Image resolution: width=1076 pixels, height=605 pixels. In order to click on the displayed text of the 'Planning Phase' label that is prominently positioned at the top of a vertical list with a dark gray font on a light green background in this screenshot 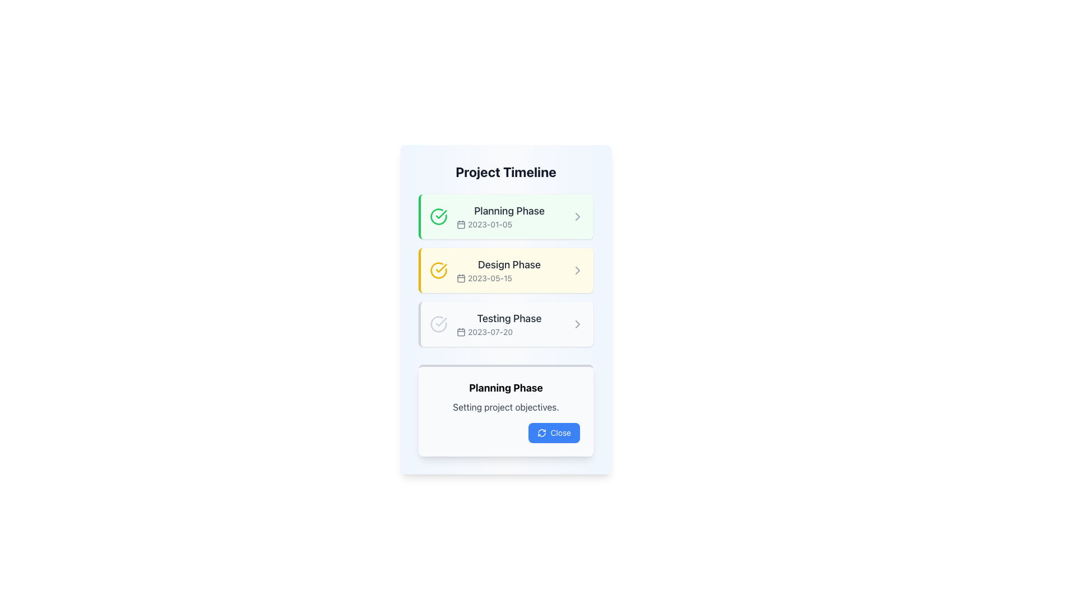, I will do `click(508, 216)`.